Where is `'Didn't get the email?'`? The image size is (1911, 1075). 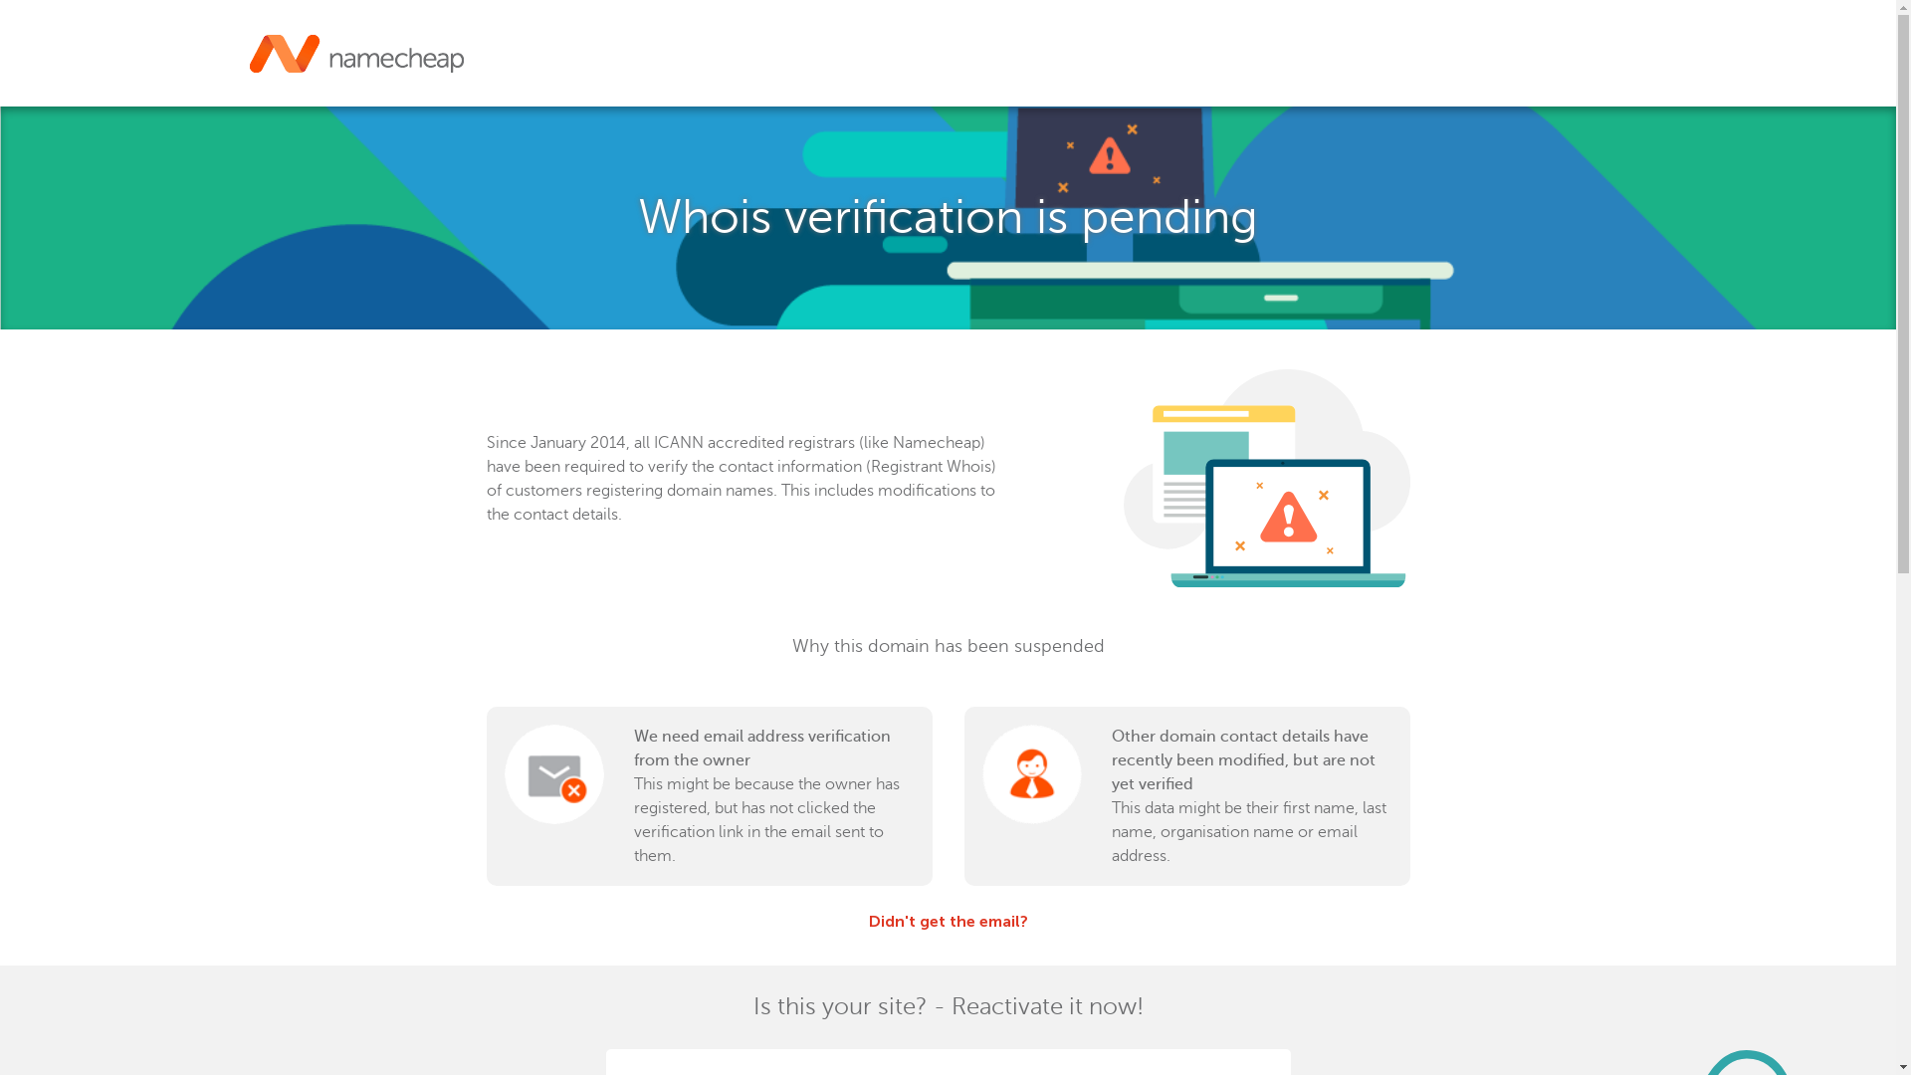 'Didn't get the email?' is located at coordinates (946, 921).